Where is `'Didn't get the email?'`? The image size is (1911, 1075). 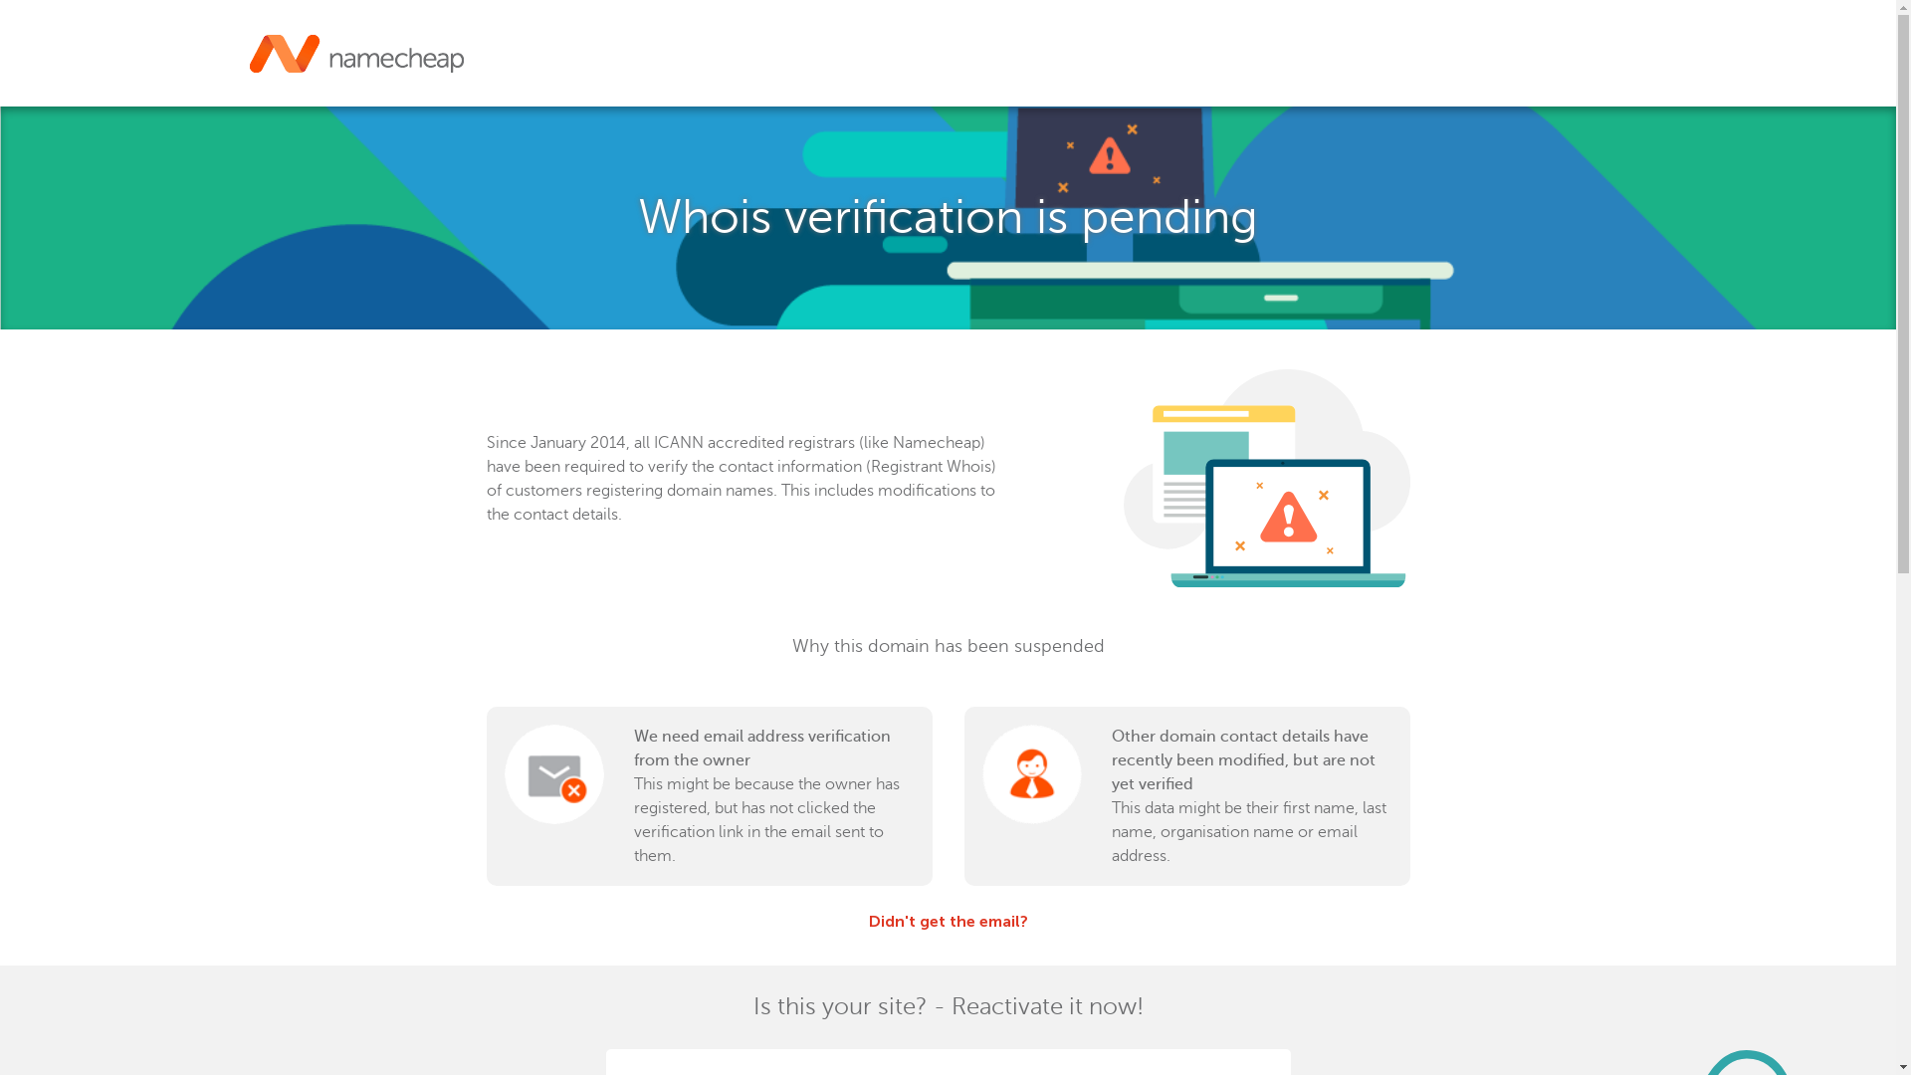 'Didn't get the email?' is located at coordinates (946, 921).